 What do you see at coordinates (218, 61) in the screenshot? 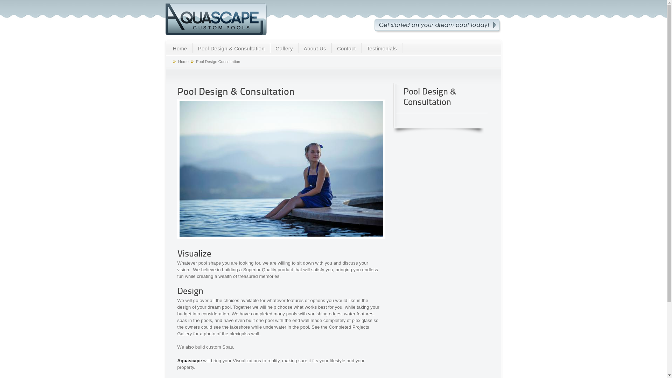
I see `'Pool Design Consultation'` at bounding box center [218, 61].